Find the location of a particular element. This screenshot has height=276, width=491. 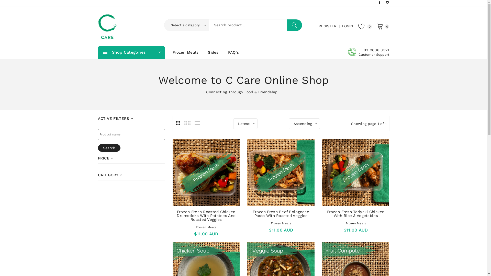

'REGISTER' is located at coordinates (327, 26).